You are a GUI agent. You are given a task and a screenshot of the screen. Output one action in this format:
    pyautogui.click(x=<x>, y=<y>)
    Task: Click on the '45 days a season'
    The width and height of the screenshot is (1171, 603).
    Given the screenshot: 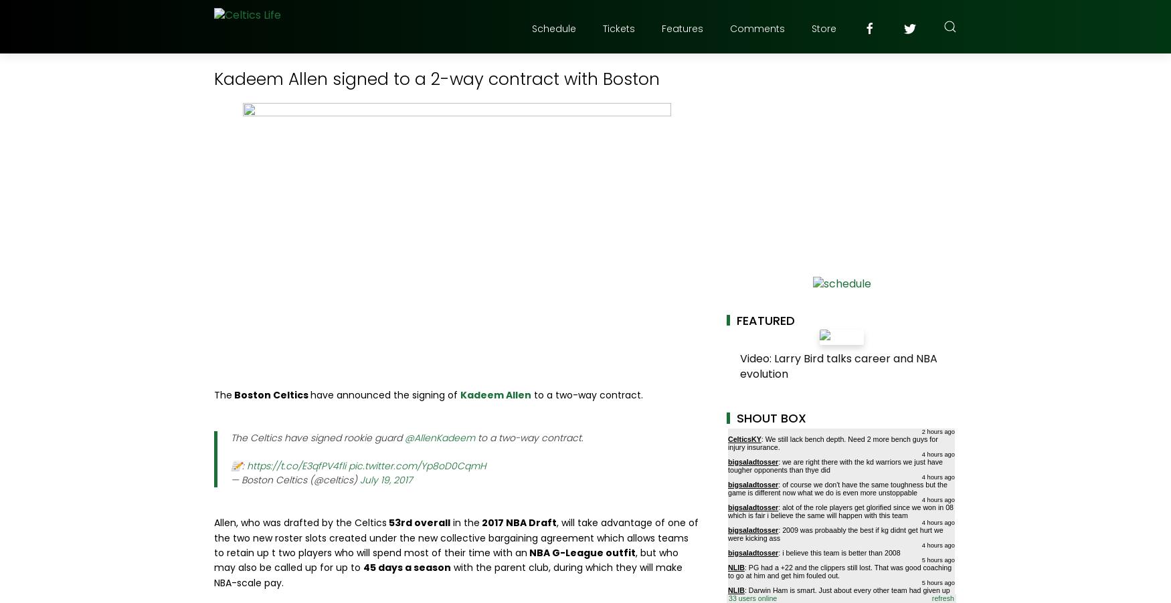 What is the action you would take?
    pyautogui.click(x=363, y=567)
    